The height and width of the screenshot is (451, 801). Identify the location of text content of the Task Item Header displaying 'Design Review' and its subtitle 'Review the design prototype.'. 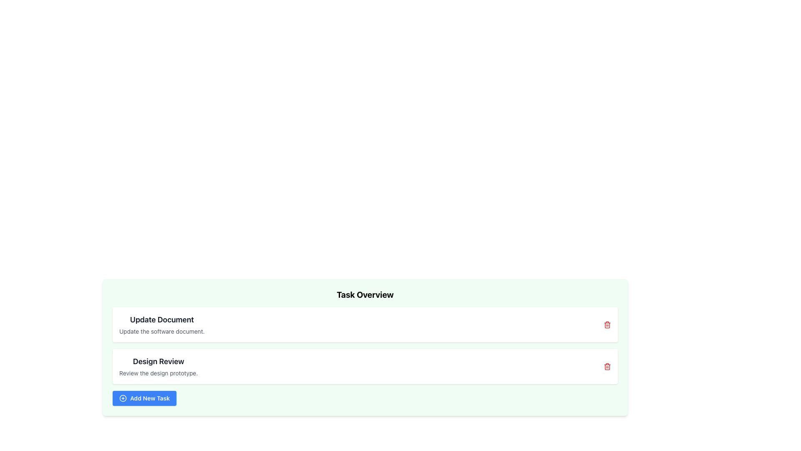
(159, 366).